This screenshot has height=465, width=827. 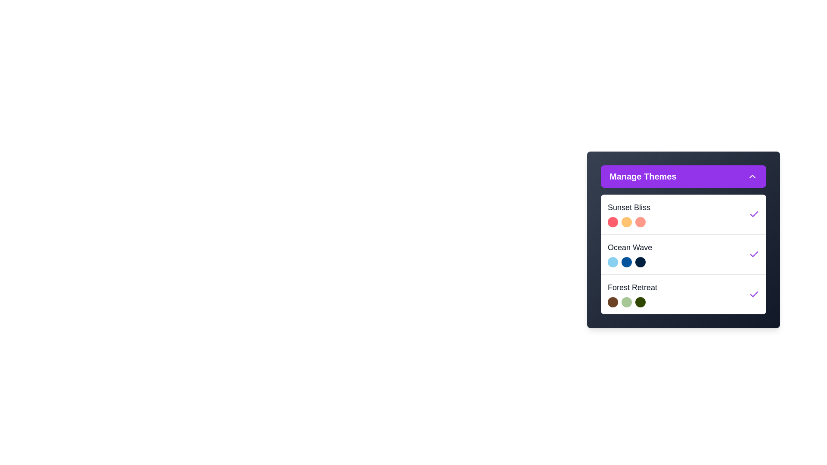 I want to click on the theme Sunset Bliss by clicking its checkmark, so click(x=754, y=214).